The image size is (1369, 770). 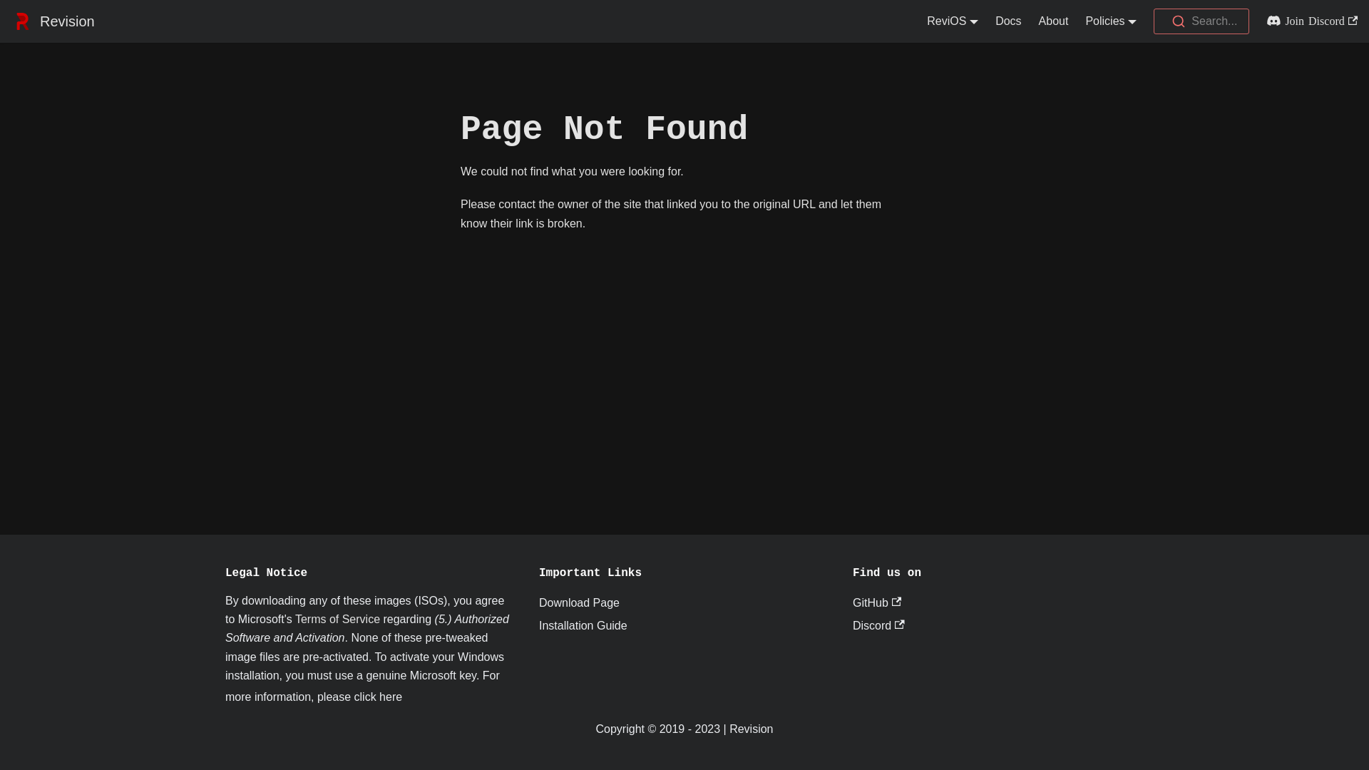 I want to click on 'here', so click(x=390, y=696).